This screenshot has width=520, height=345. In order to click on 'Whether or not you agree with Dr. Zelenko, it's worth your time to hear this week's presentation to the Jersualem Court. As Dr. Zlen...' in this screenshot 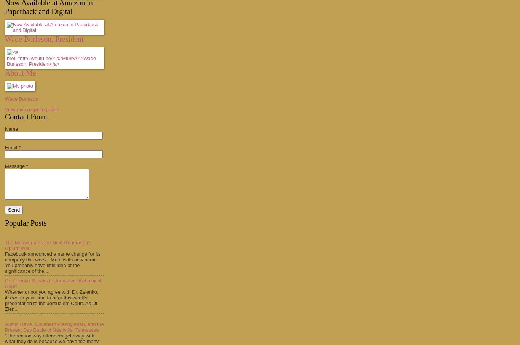, I will do `click(51, 299)`.